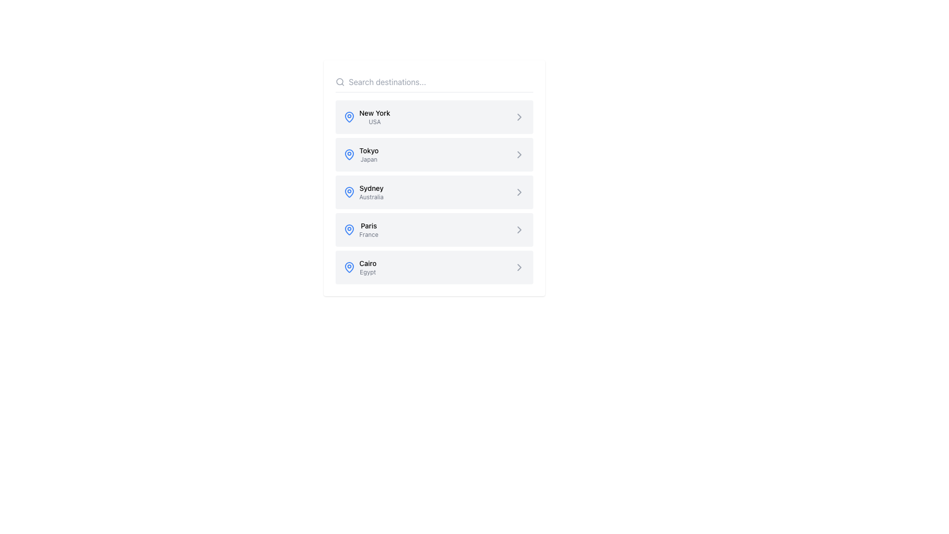 Image resolution: width=949 pixels, height=534 pixels. I want to click on the List Item with Icon and Text located in the second row of the vertically arranged list, so click(360, 154).